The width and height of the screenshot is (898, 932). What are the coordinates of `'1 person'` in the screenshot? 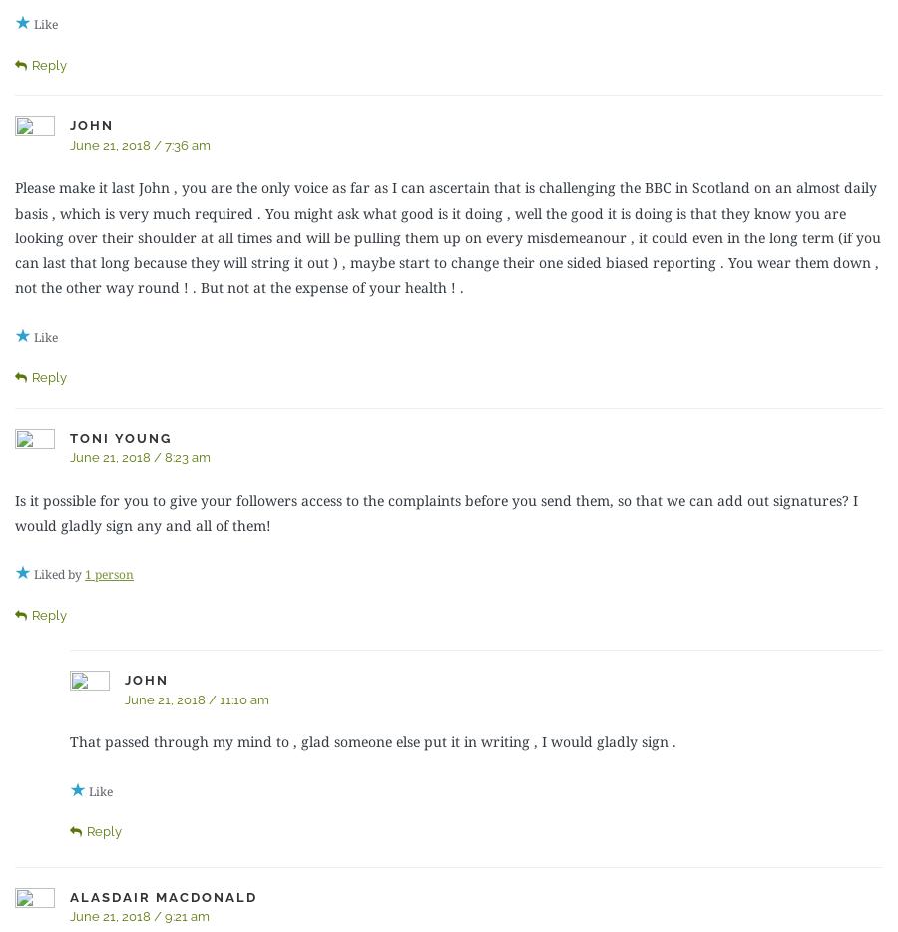 It's located at (83, 573).